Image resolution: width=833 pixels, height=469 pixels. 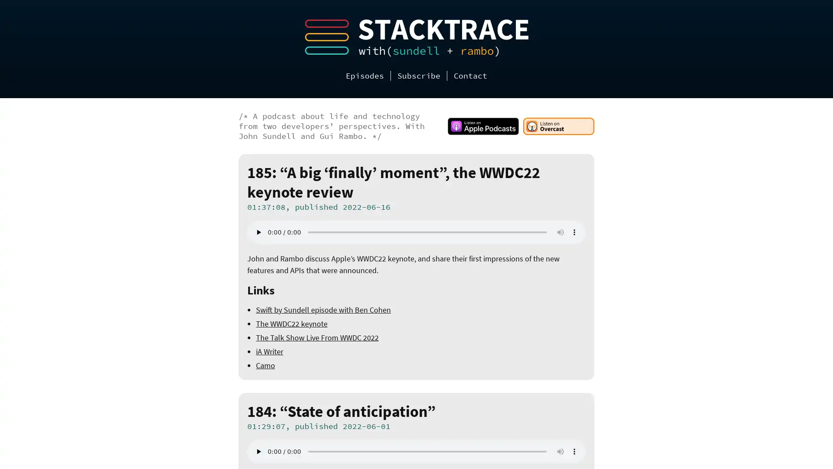 What do you see at coordinates (560, 232) in the screenshot?
I see `mute` at bounding box center [560, 232].